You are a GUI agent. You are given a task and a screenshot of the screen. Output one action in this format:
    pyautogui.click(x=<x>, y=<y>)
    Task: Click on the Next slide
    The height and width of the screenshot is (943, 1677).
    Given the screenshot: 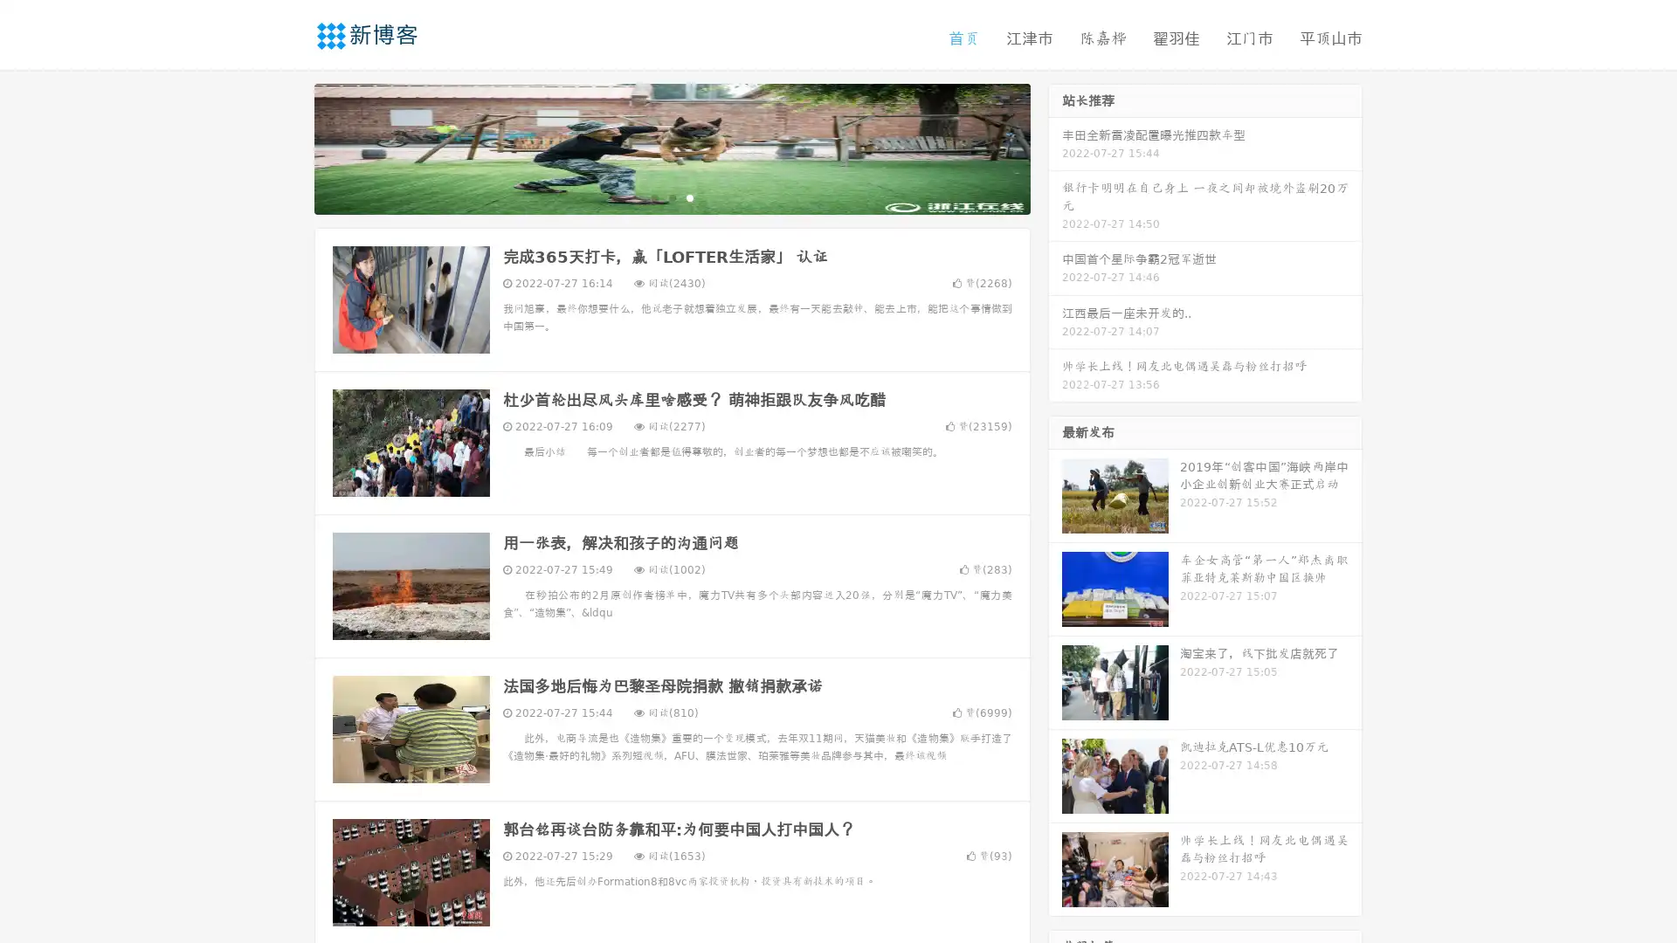 What is the action you would take?
    pyautogui.click(x=1055, y=147)
    